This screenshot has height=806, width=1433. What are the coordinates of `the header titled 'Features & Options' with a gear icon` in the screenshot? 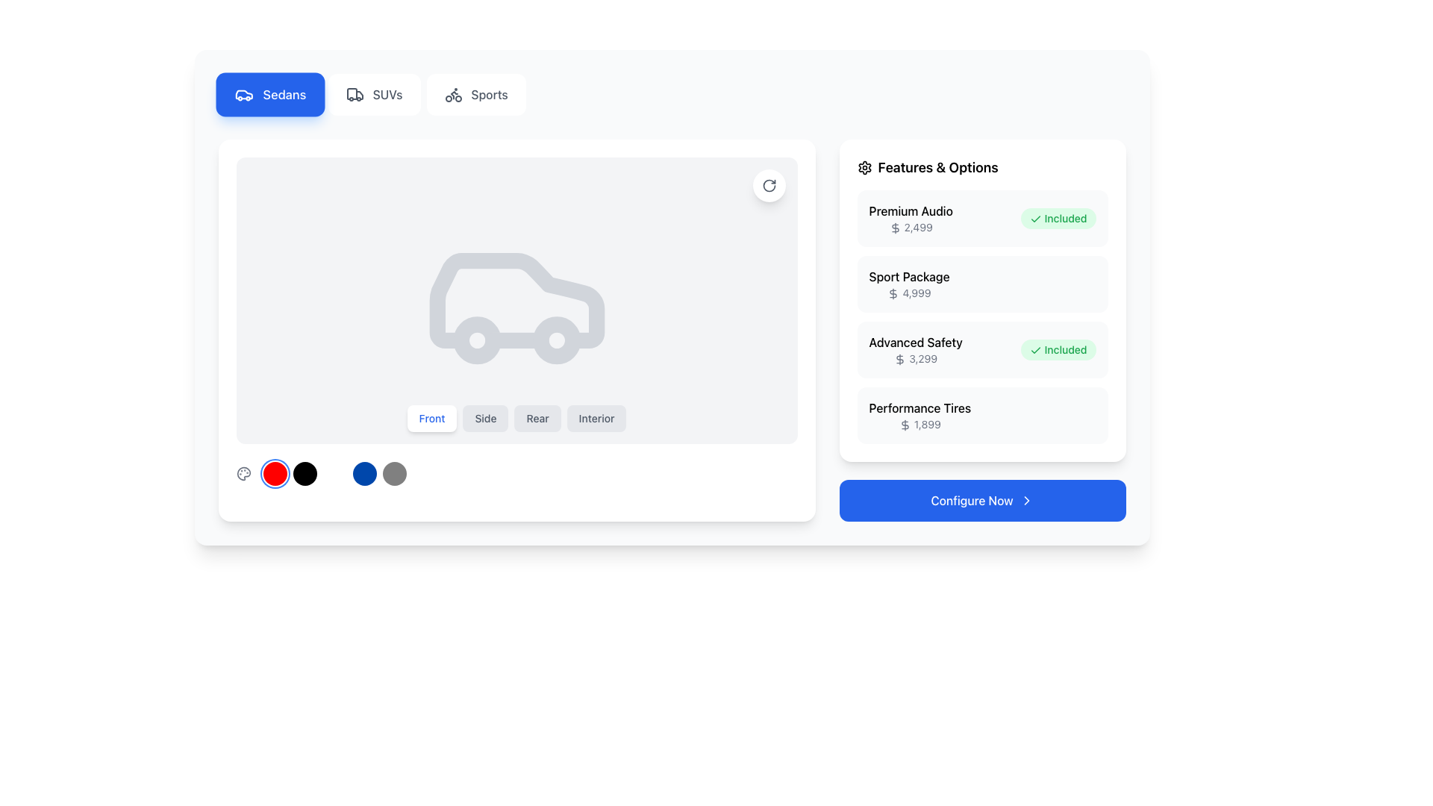 It's located at (982, 167).